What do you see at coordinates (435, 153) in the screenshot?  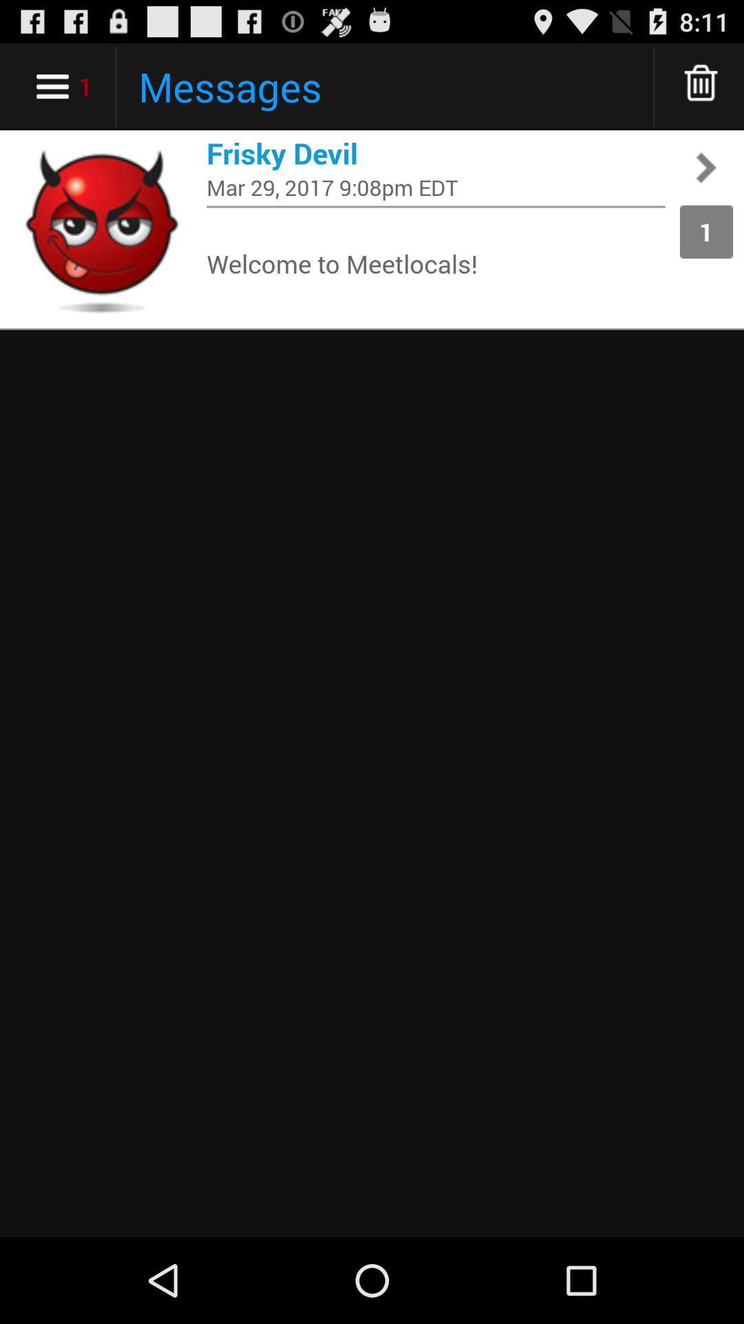 I see `frisky devil icon` at bounding box center [435, 153].